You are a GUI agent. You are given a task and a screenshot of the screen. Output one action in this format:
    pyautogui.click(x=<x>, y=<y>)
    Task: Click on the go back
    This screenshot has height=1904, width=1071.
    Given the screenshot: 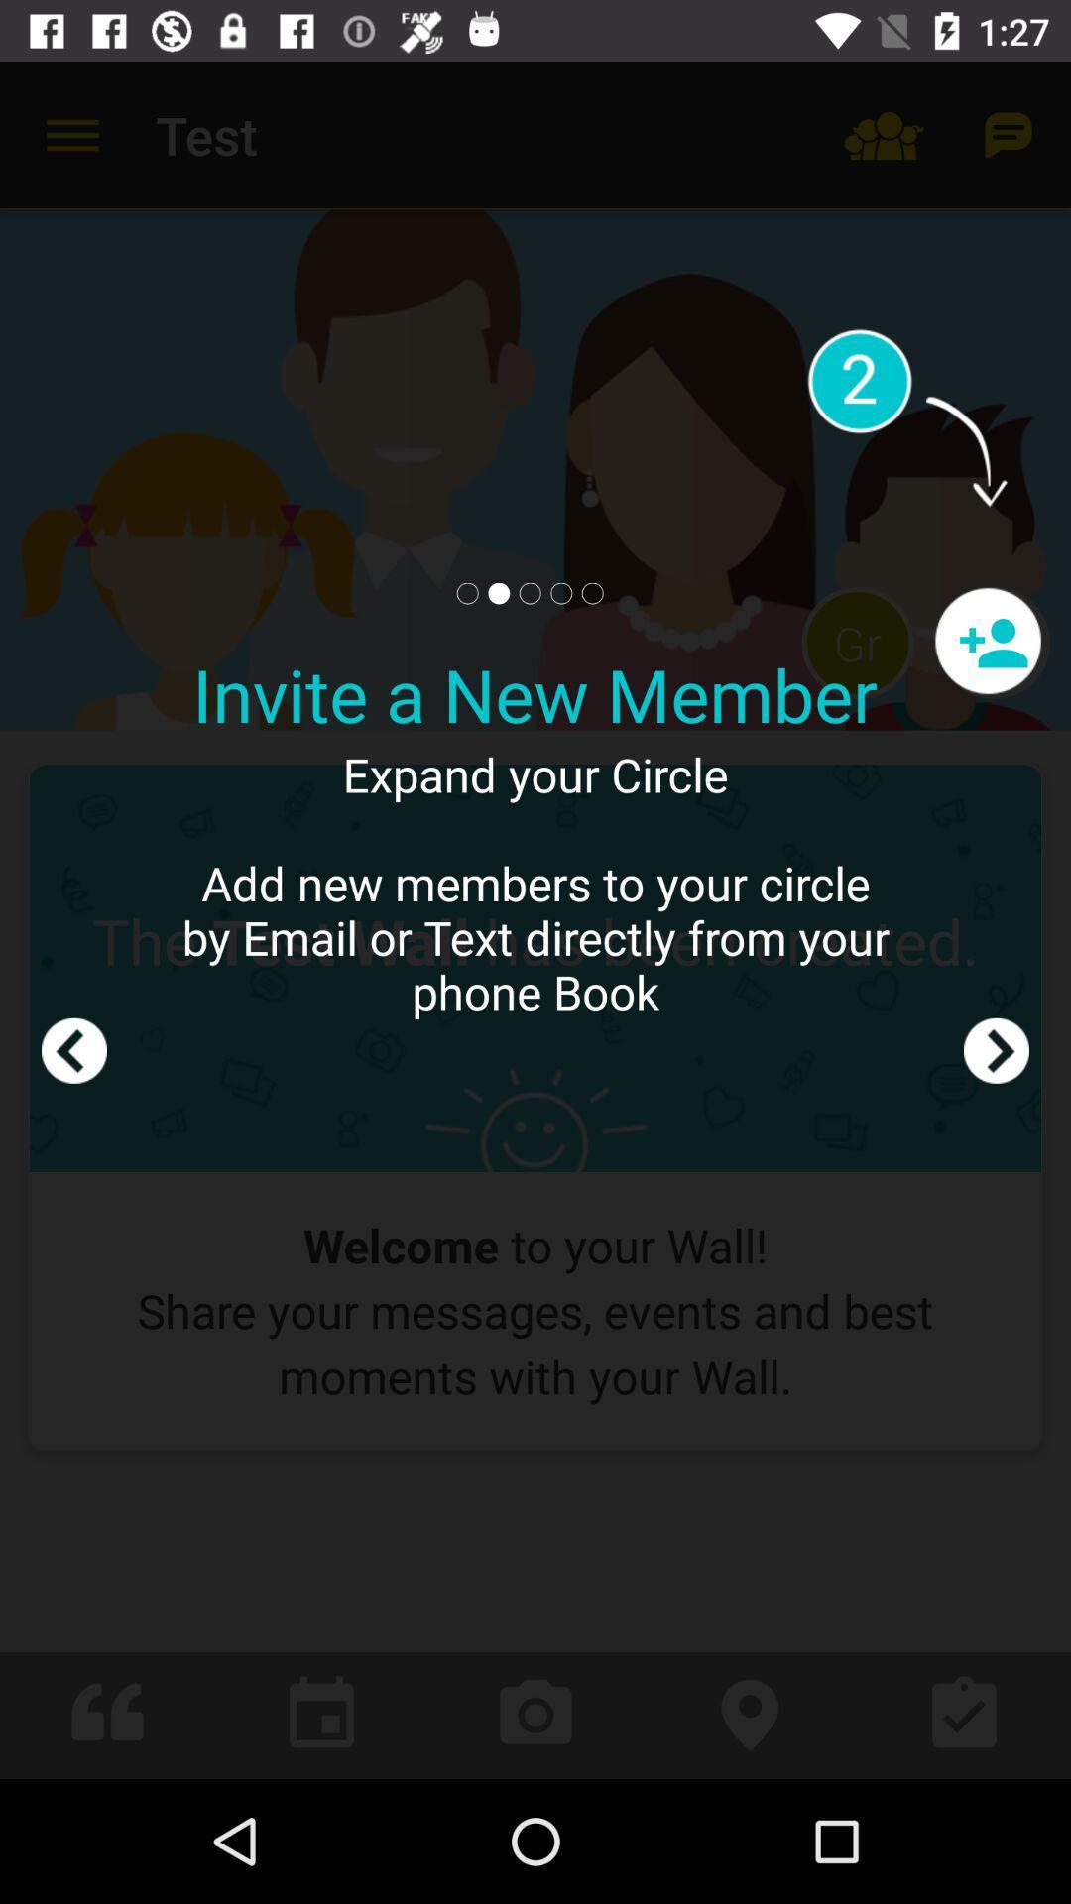 What is the action you would take?
    pyautogui.click(x=72, y=919)
    